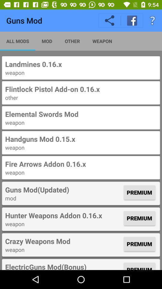 This screenshot has width=162, height=289. Describe the element at coordinates (63, 266) in the screenshot. I see `the item to the left of premium` at that location.